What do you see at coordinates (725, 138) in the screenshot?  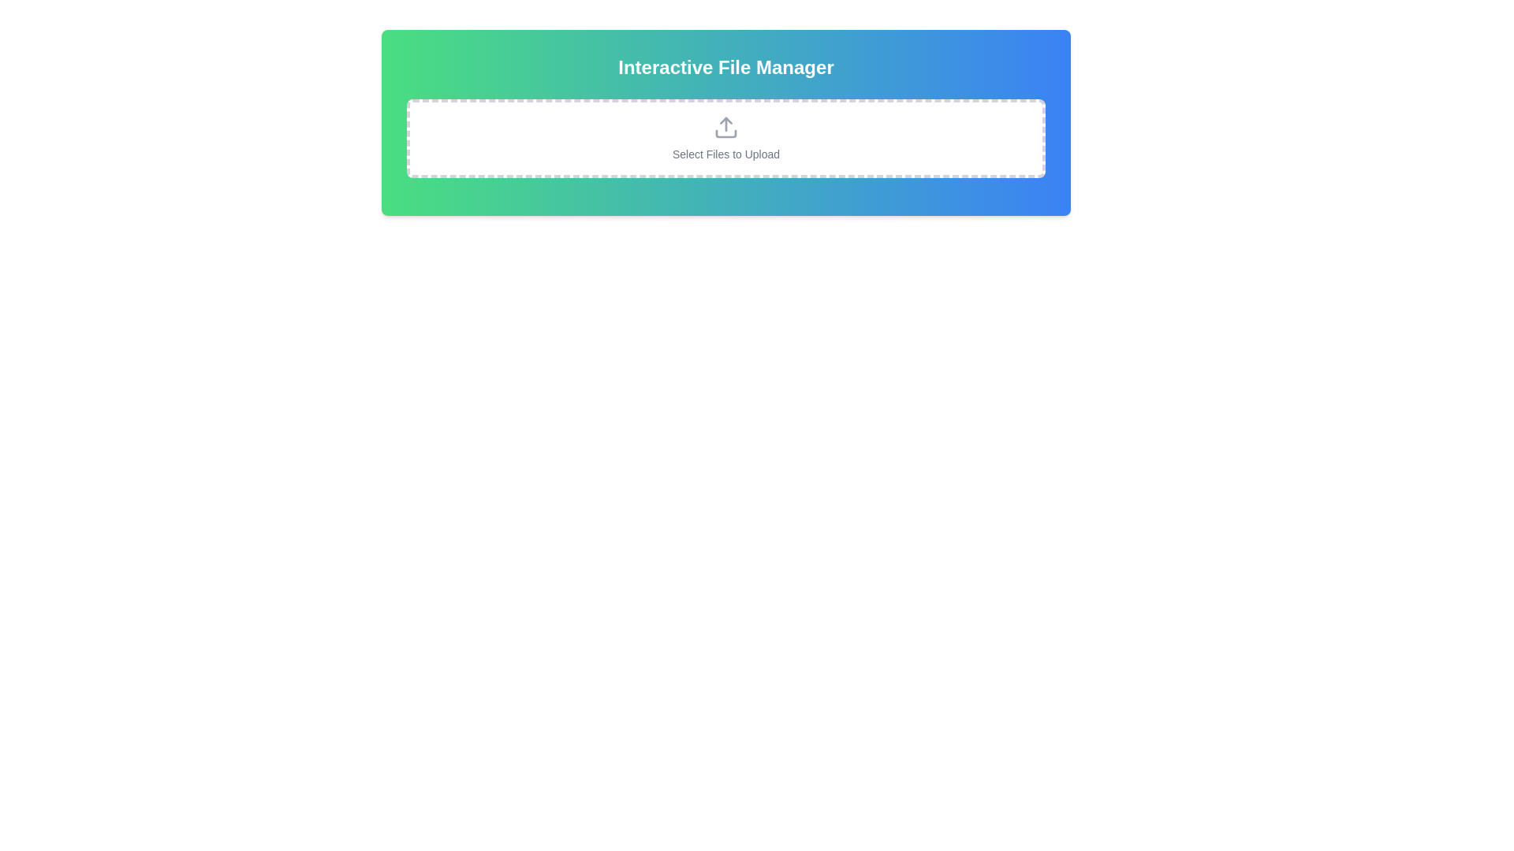 I see `the rectangular button with a dashed border and the text 'Select Files to Upload'` at bounding box center [725, 138].